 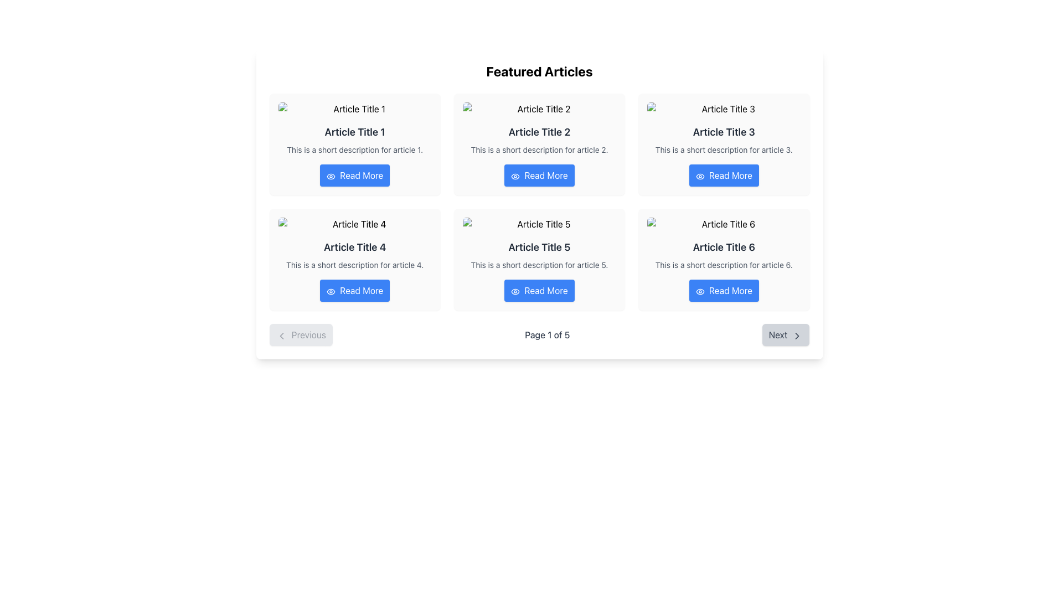 What do you see at coordinates (515, 291) in the screenshot?
I see `the small eye icon located inside the blue 'Read More' button at the bottom of the card labeled 'Article Title 5'` at bounding box center [515, 291].